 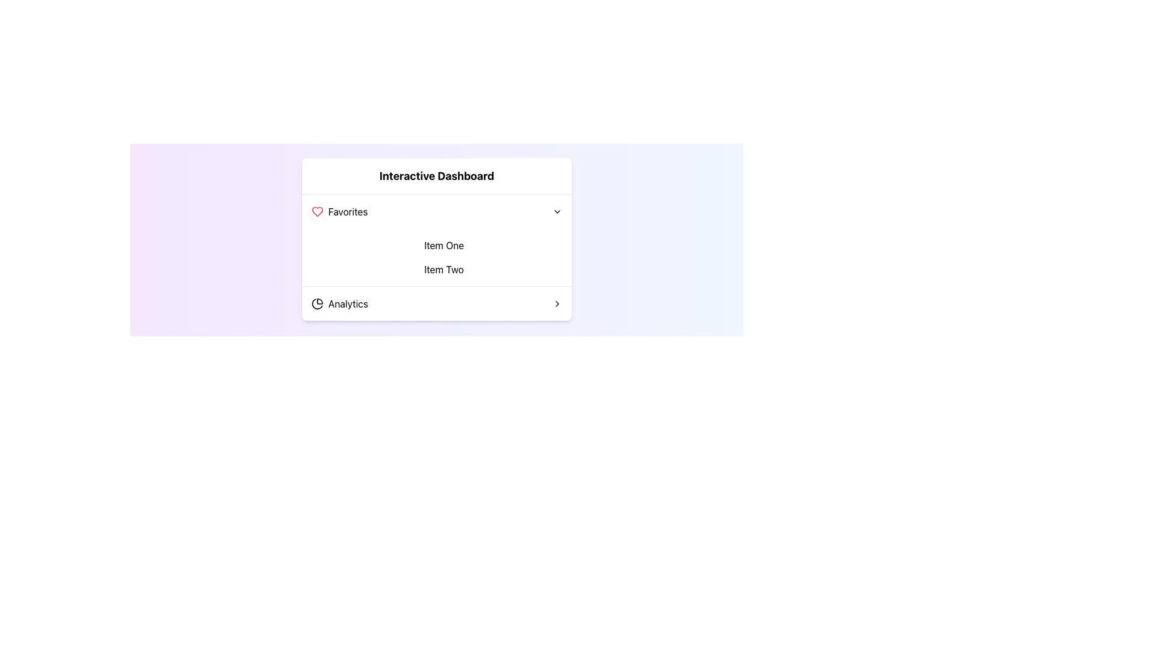 I want to click on the heart icon, which is a small red outlined icon with a white fill, located to the left of the text 'Favorites', so click(x=318, y=211).